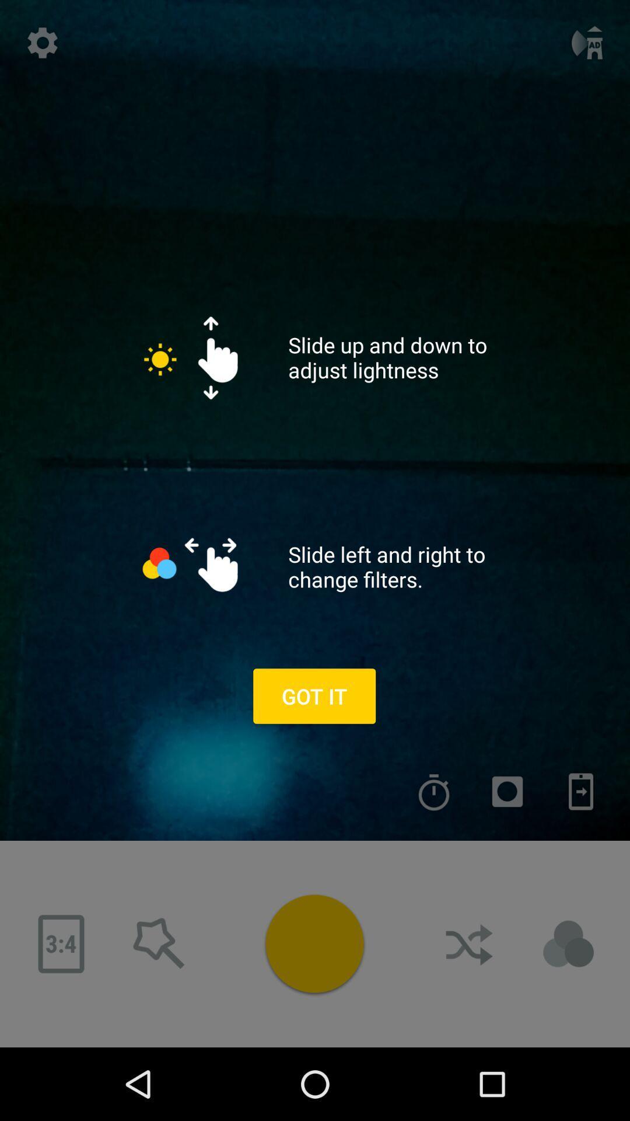 The width and height of the screenshot is (630, 1121). Describe the element at coordinates (159, 944) in the screenshot. I see `the star icon` at that location.